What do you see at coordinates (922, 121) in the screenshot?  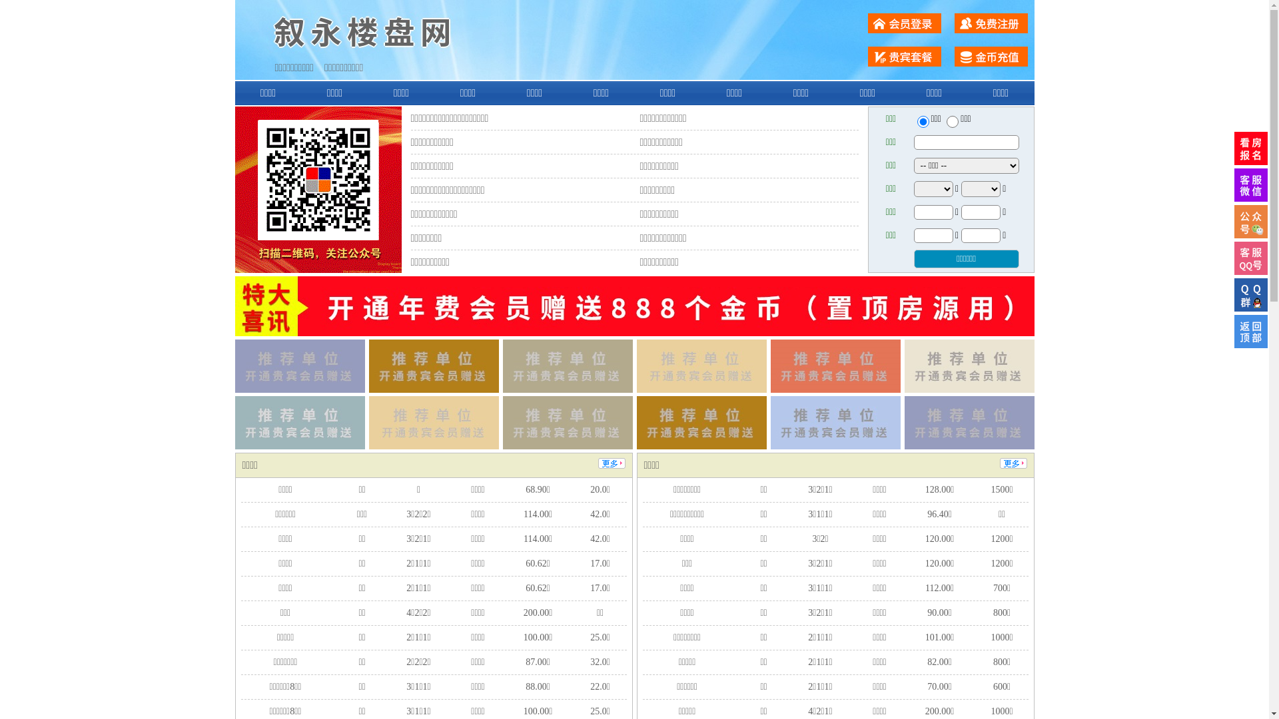 I see `'ershou'` at bounding box center [922, 121].